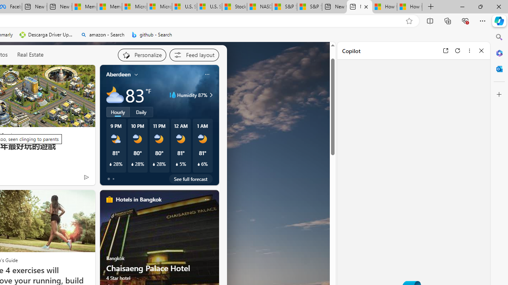  Describe the element at coordinates (136, 74) in the screenshot. I see `'My location'` at that location.